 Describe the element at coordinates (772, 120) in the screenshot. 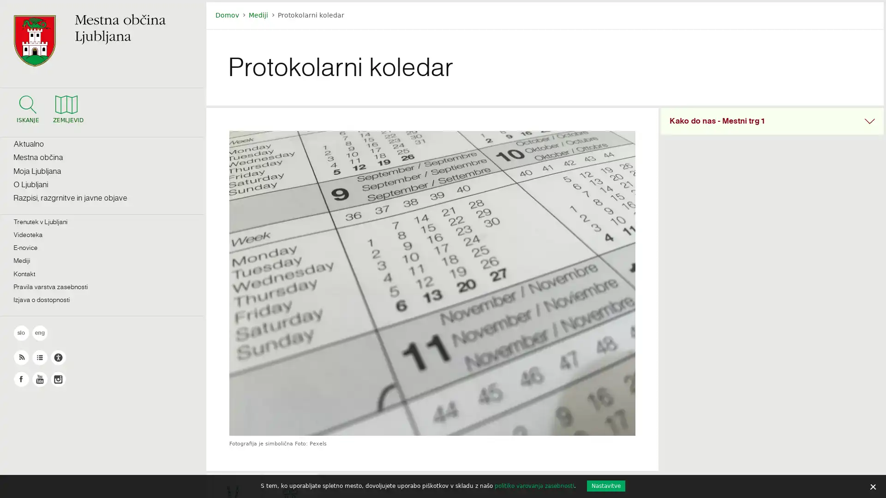

I see `Skrij vsebino` at that location.